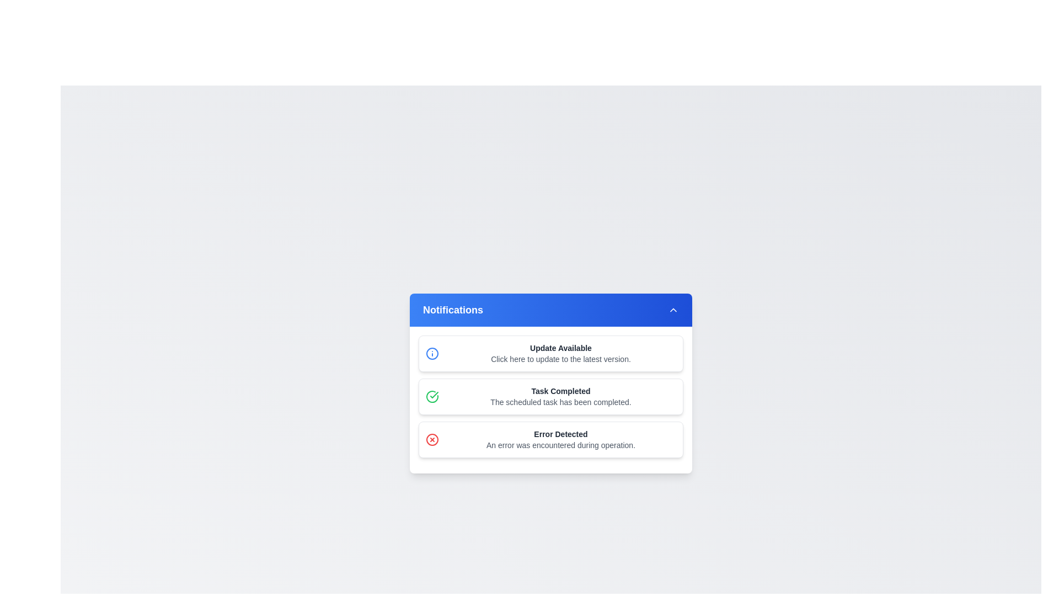 The width and height of the screenshot is (1059, 596). I want to click on the single-line text component displaying 'Click here to update to the latest version.' located in the 'Update Available' section of the 'Notifications' card, so click(561, 359).